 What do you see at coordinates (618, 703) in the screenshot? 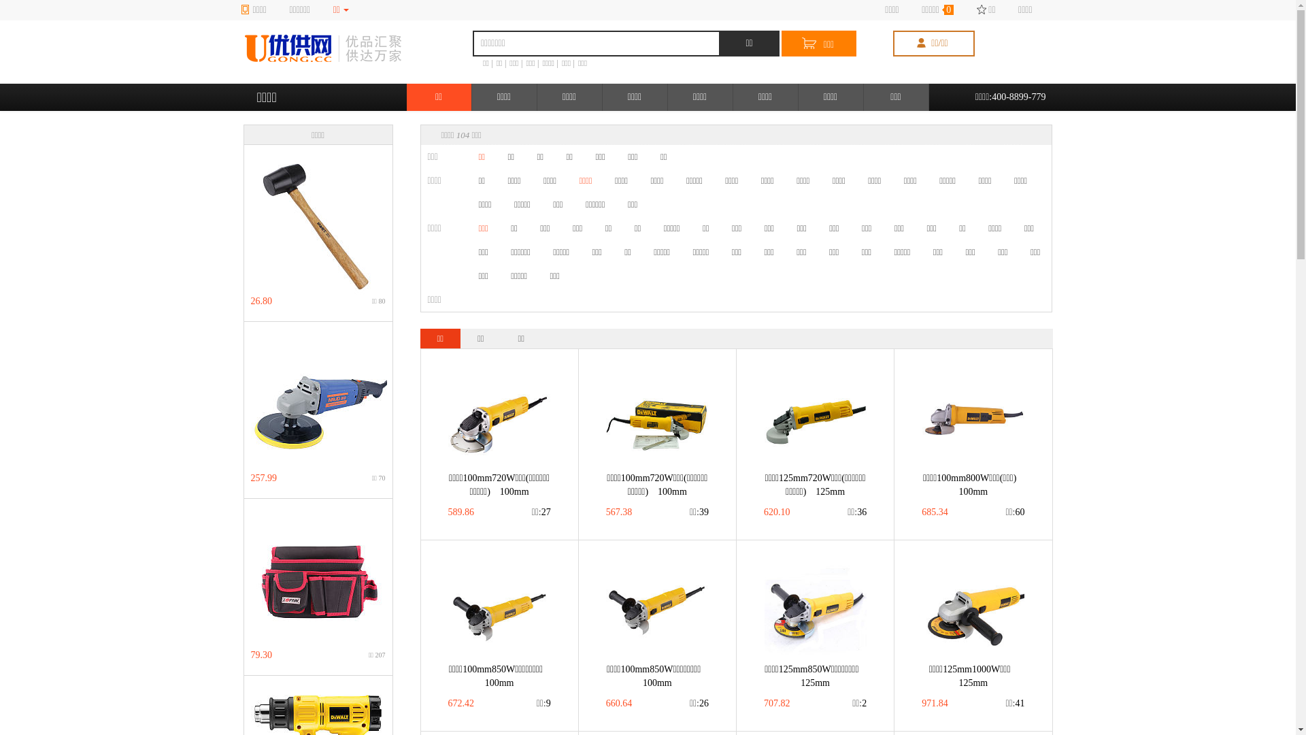
I see `'660.64'` at bounding box center [618, 703].